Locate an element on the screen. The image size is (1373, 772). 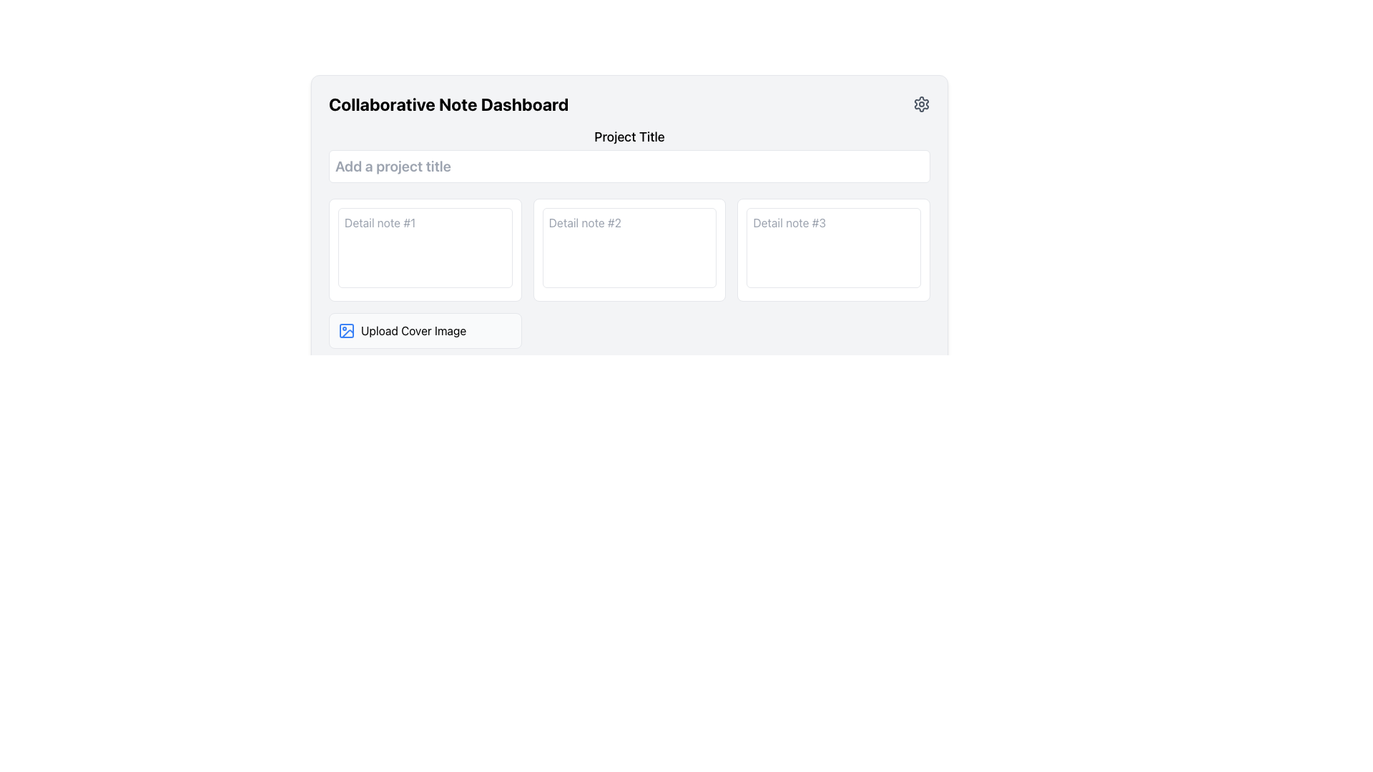
the small blue outlined icon representing an image, located to the left of the 'Upload Cover Image' text is located at coordinates (346, 330).